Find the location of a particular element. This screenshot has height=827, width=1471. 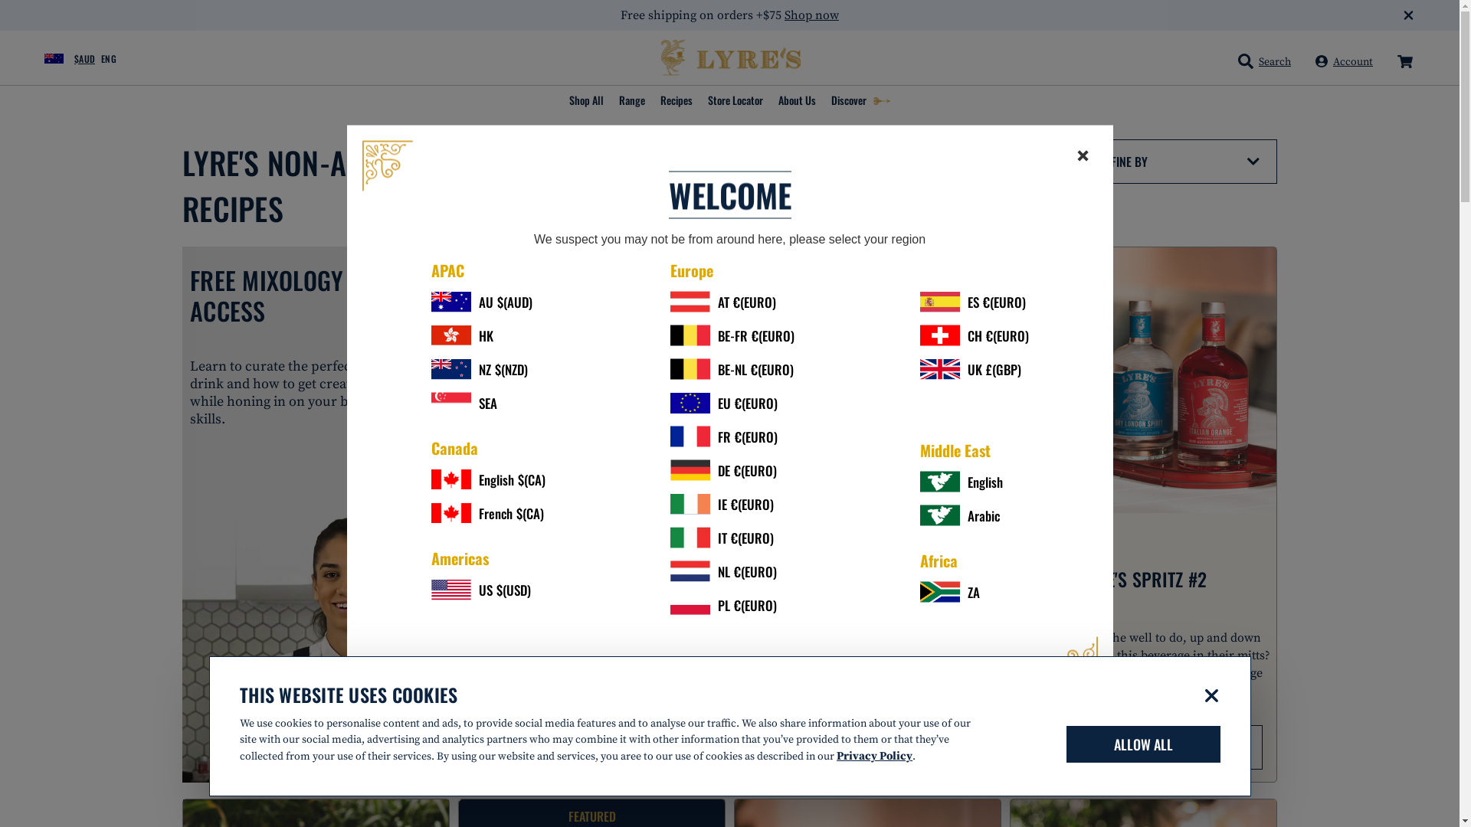

'English is located at coordinates (487, 478).